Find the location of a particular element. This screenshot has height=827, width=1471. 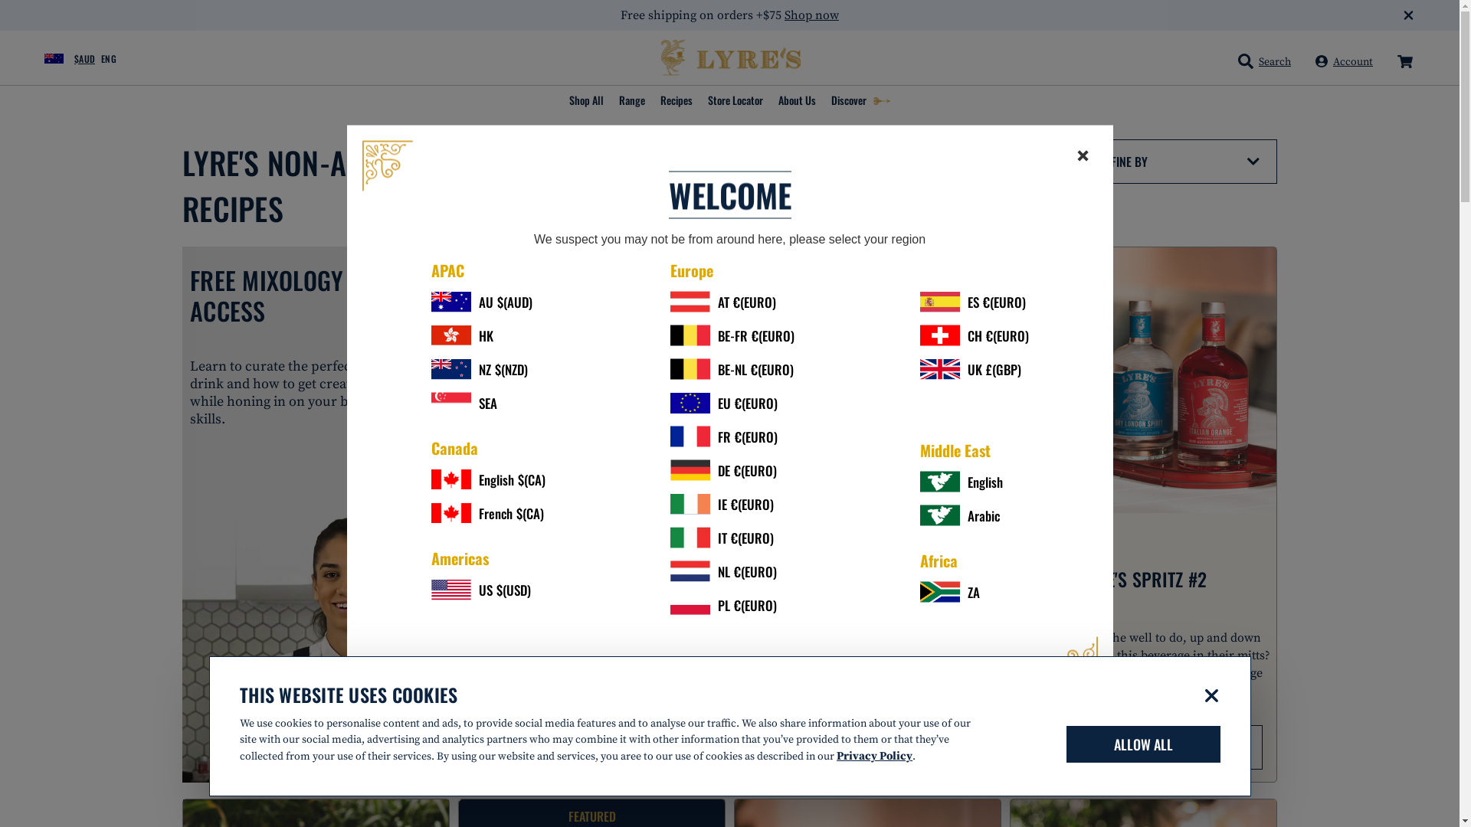

'English is located at coordinates (487, 478).